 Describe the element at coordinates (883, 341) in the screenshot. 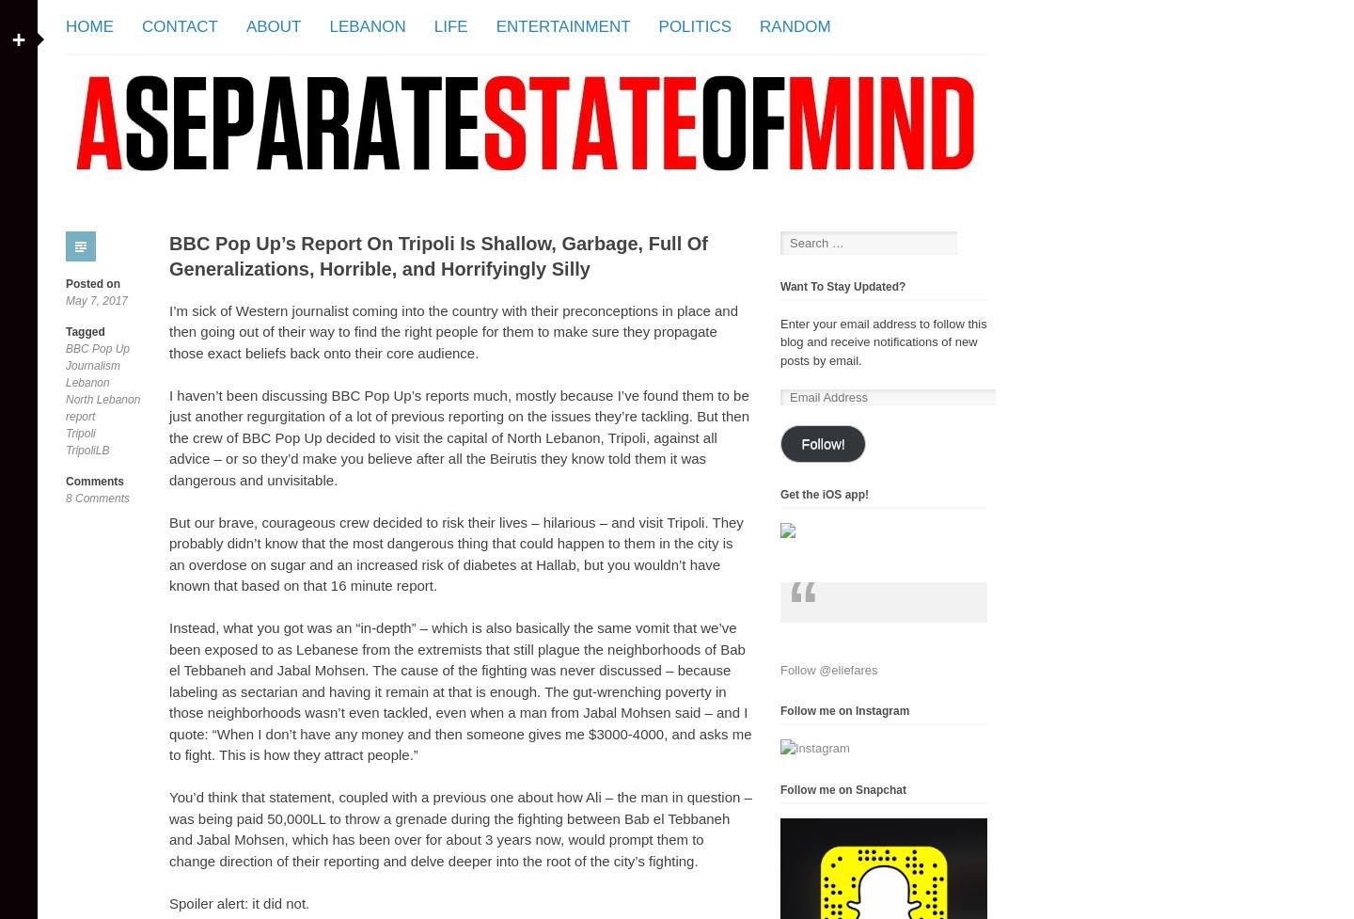

I see `'Enter your email address to follow this blog and receive notifications of new posts by email.'` at that location.